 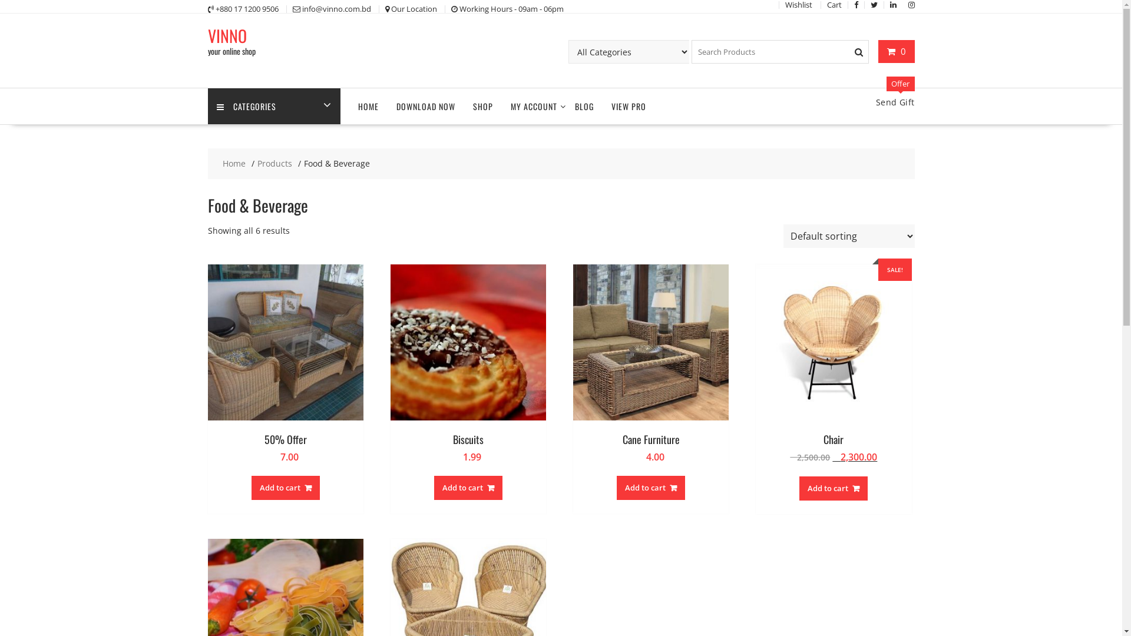 I want to click on 'Offer, so click(x=895, y=101).